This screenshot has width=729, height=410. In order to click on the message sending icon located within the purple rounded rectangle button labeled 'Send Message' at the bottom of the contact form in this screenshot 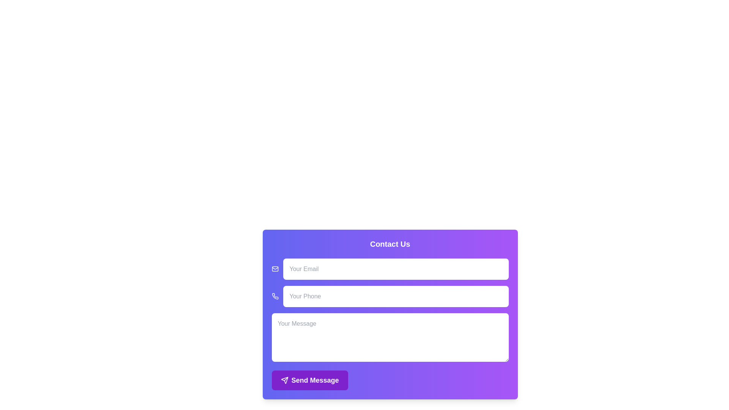, I will do `click(284, 380)`.